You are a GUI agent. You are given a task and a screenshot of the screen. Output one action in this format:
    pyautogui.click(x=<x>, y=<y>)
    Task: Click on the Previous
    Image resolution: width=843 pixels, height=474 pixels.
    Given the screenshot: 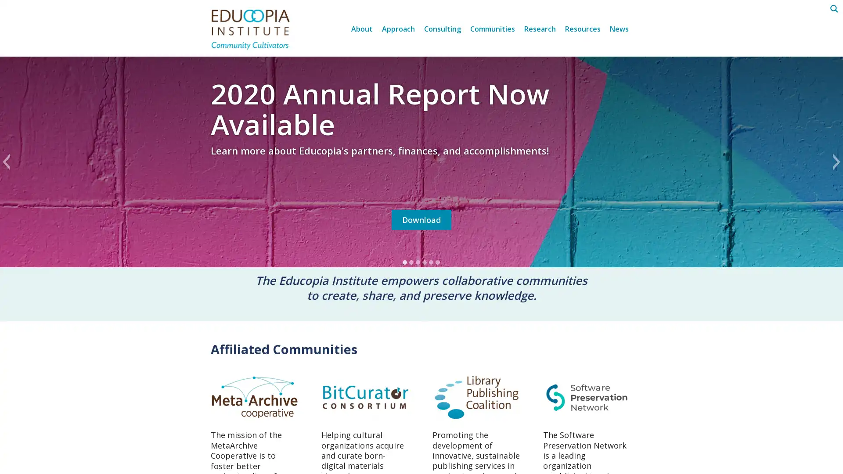 What is the action you would take?
    pyautogui.click(x=6, y=162)
    